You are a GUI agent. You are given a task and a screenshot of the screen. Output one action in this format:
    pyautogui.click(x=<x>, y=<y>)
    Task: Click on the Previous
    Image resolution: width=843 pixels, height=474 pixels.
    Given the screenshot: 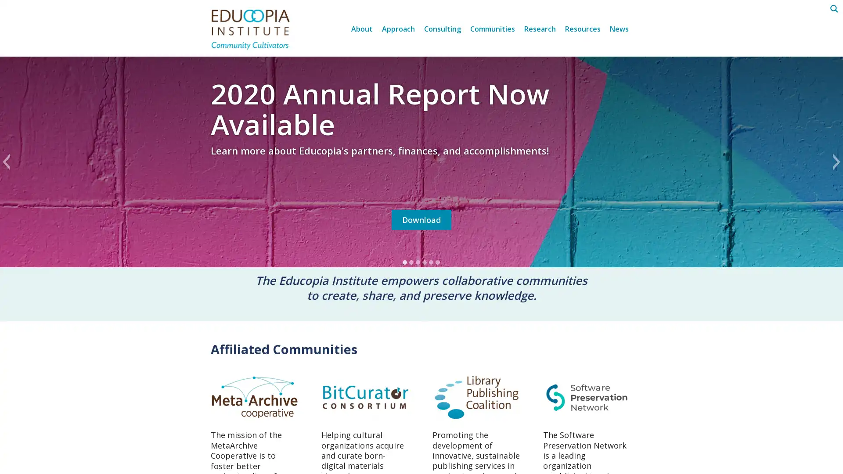 What is the action you would take?
    pyautogui.click(x=6, y=162)
    